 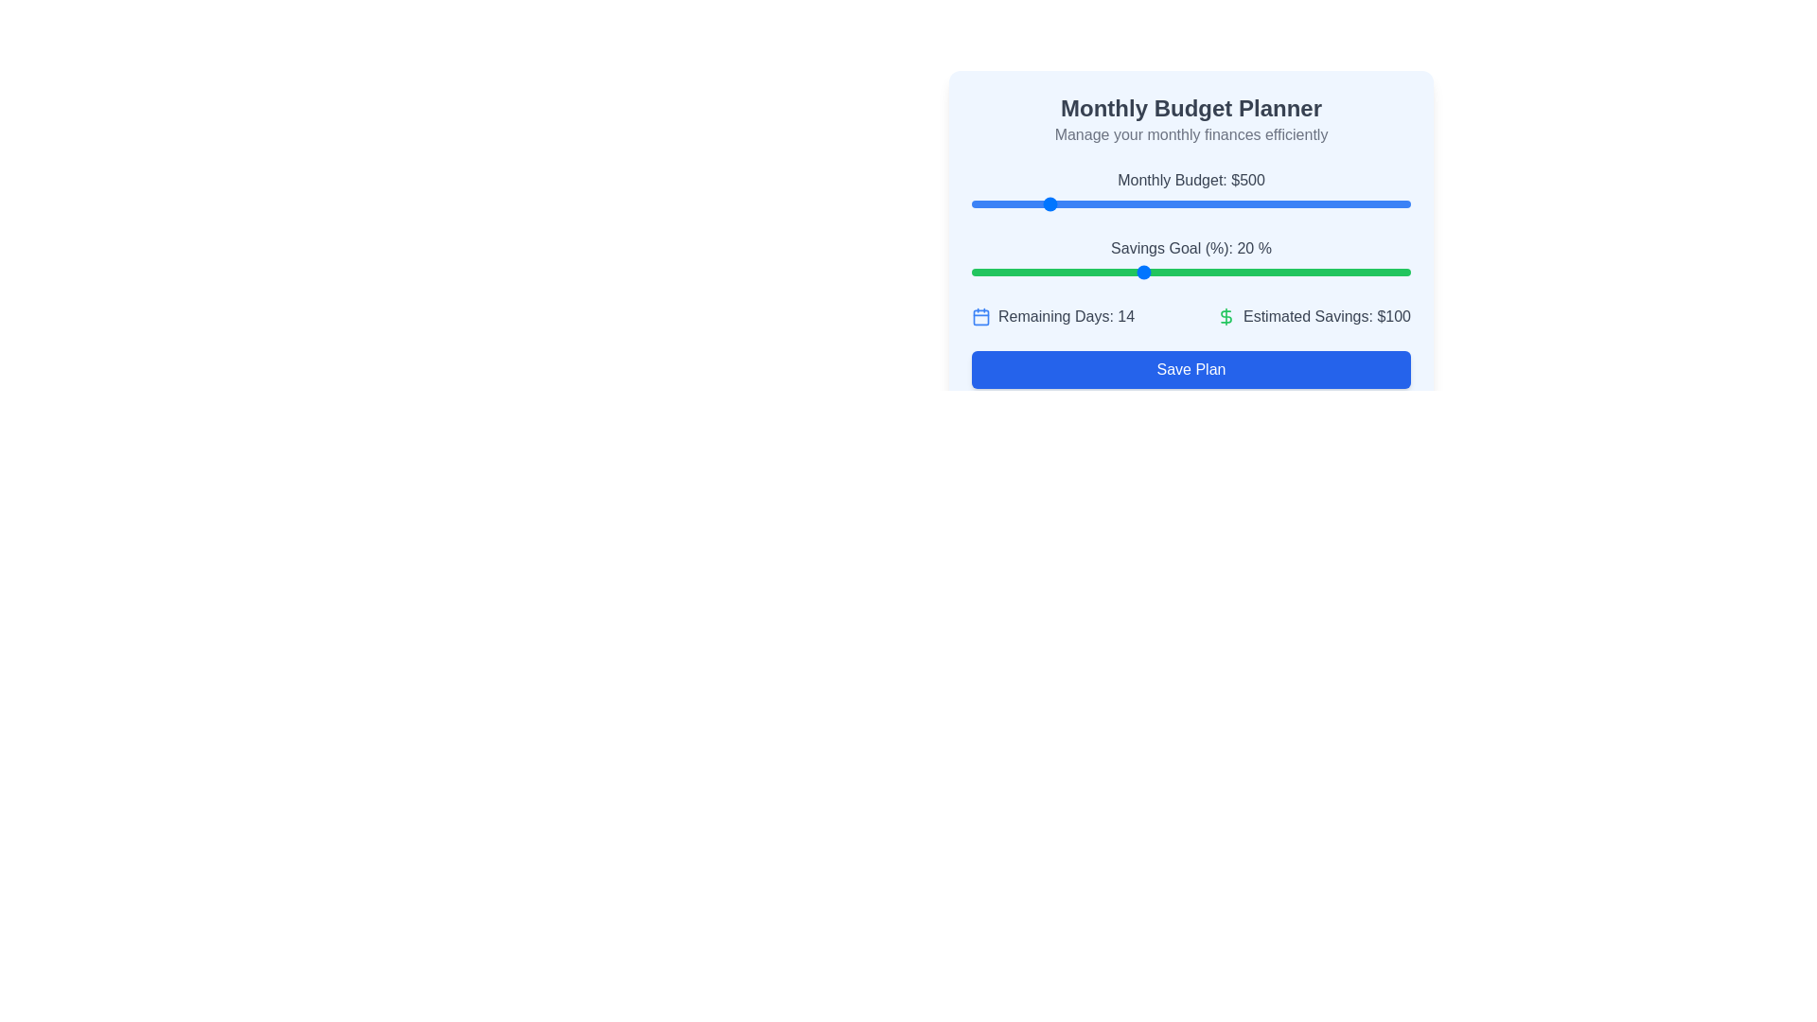 I want to click on the title and subtitle Text Block at the top of the budget planning card, which provides context for the budget interface, so click(x=1190, y=120).